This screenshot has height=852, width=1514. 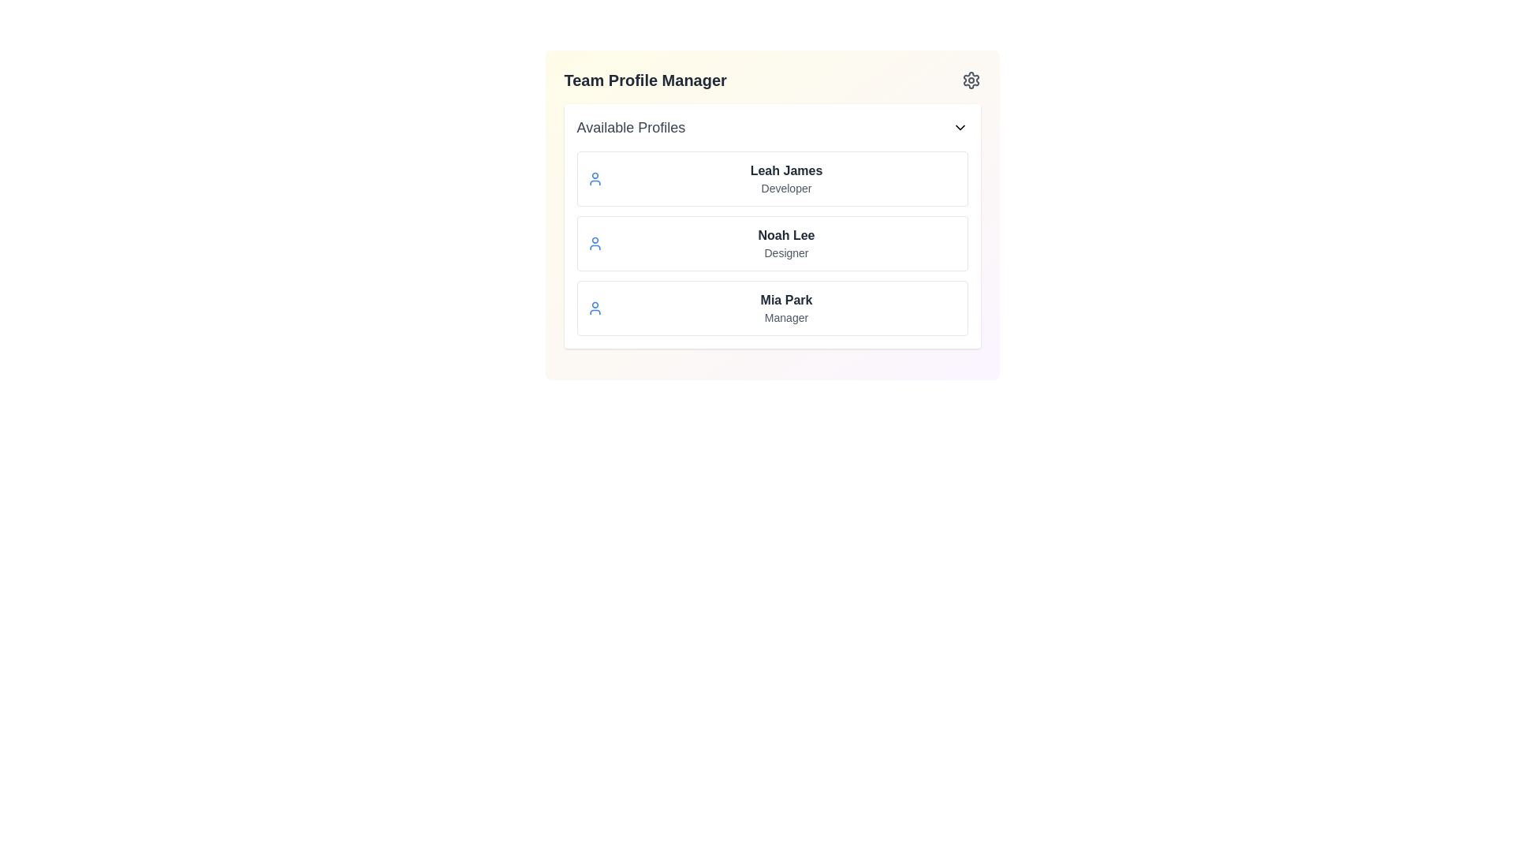 What do you see at coordinates (786, 188) in the screenshot?
I see `the text label indicating the profession or position associated with the profile of 'Leah James', located directly beneath her name in the user profile section` at bounding box center [786, 188].